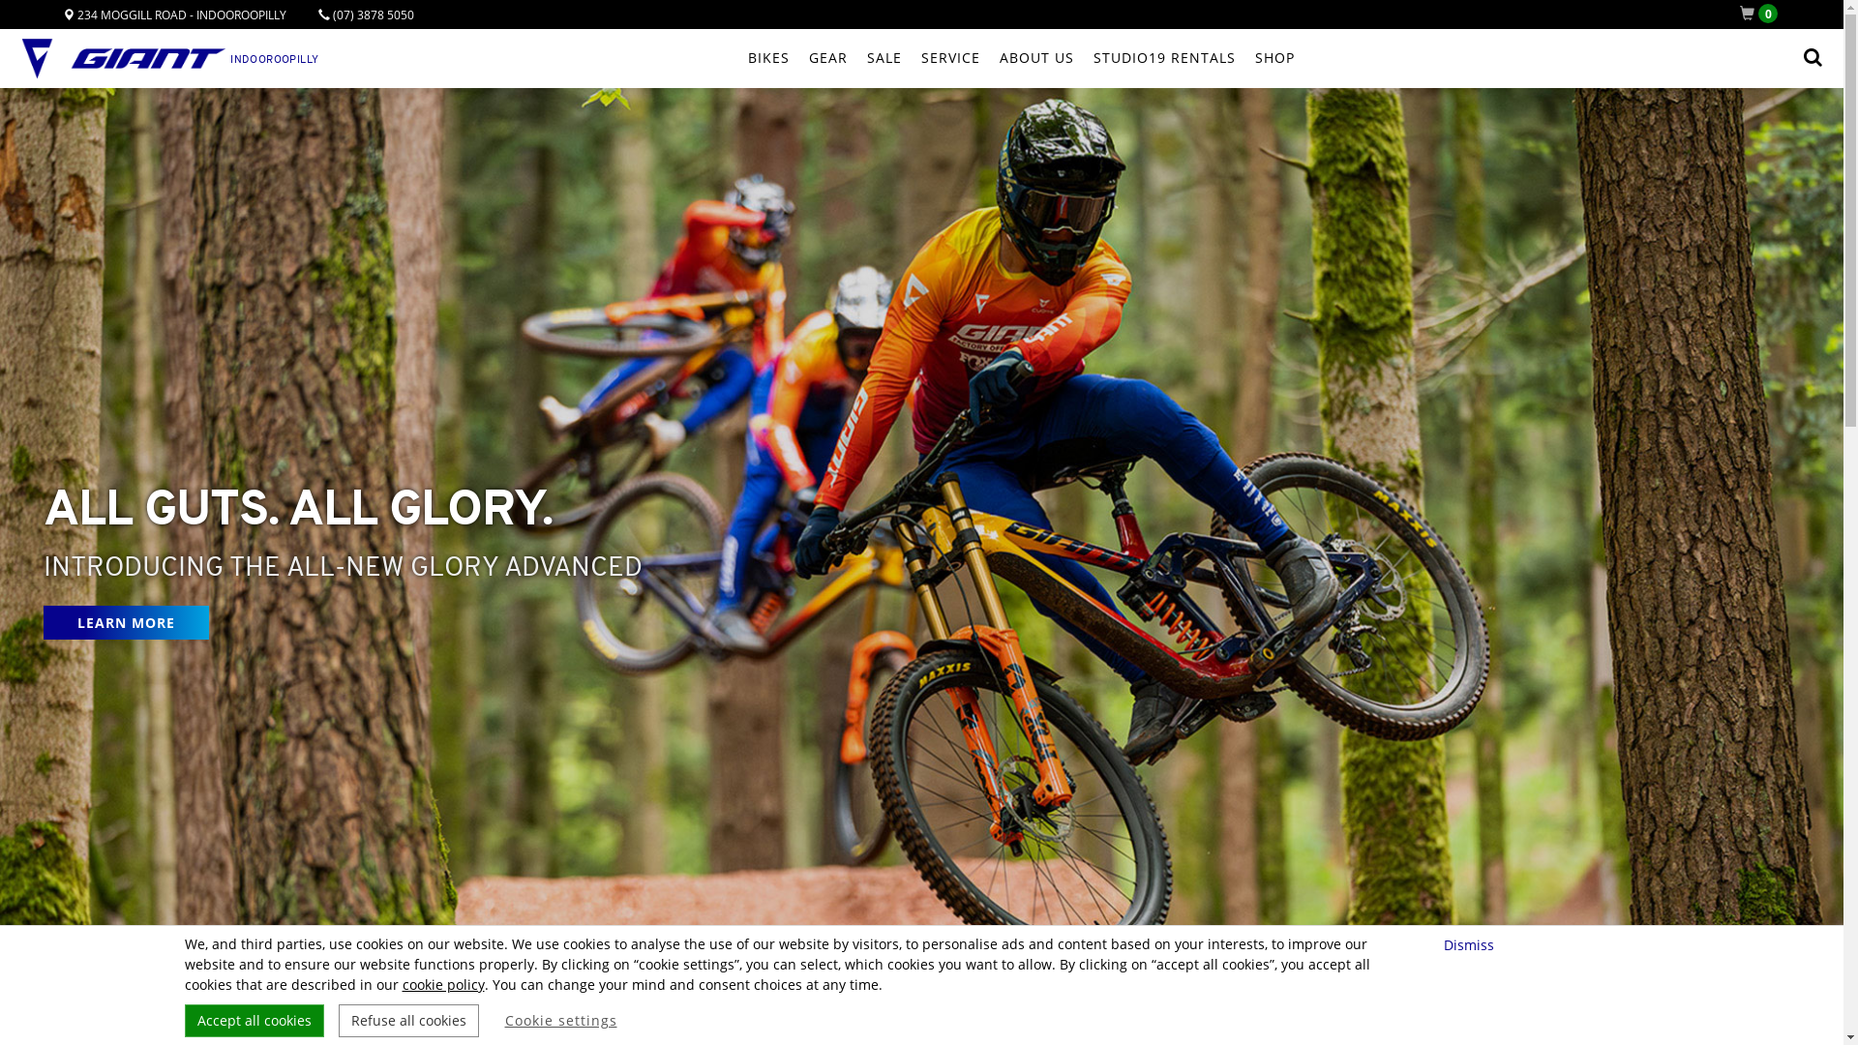 This screenshot has height=1045, width=1858. I want to click on 'cookie policy', so click(442, 984).